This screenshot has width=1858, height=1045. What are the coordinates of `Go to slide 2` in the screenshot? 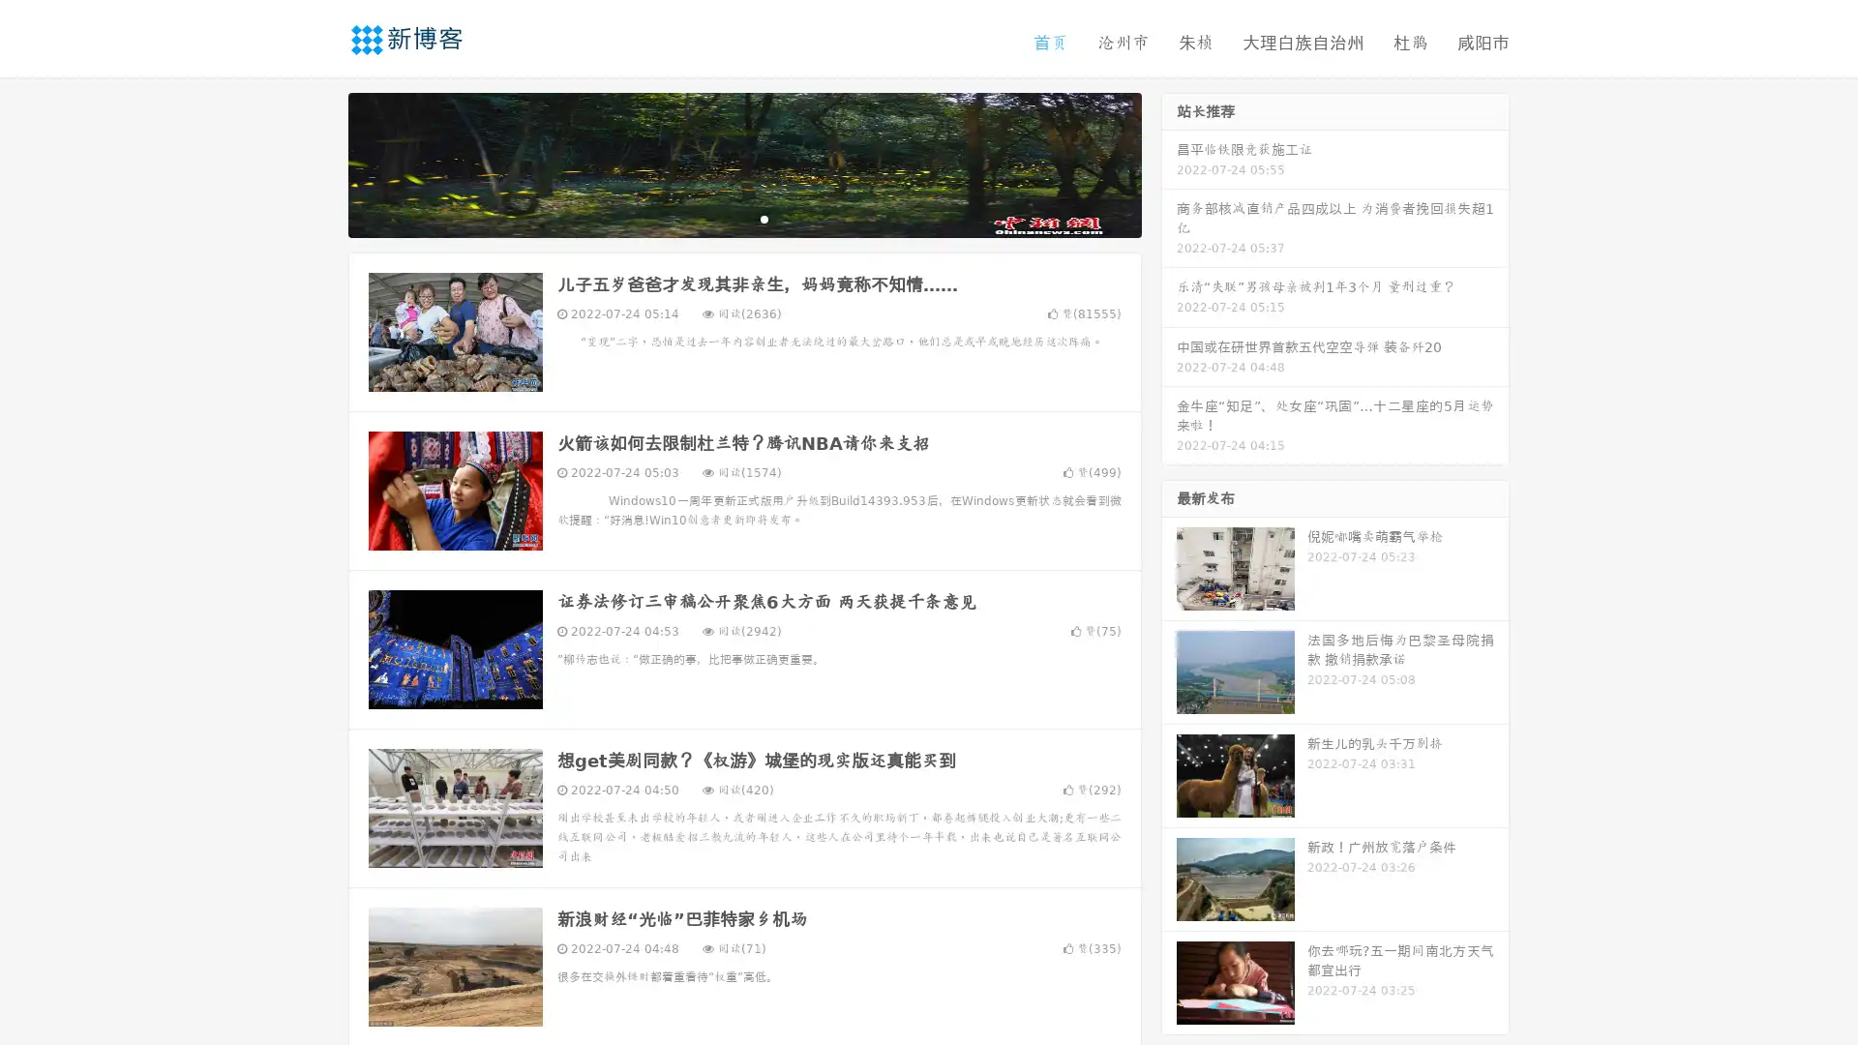 It's located at (743, 218).